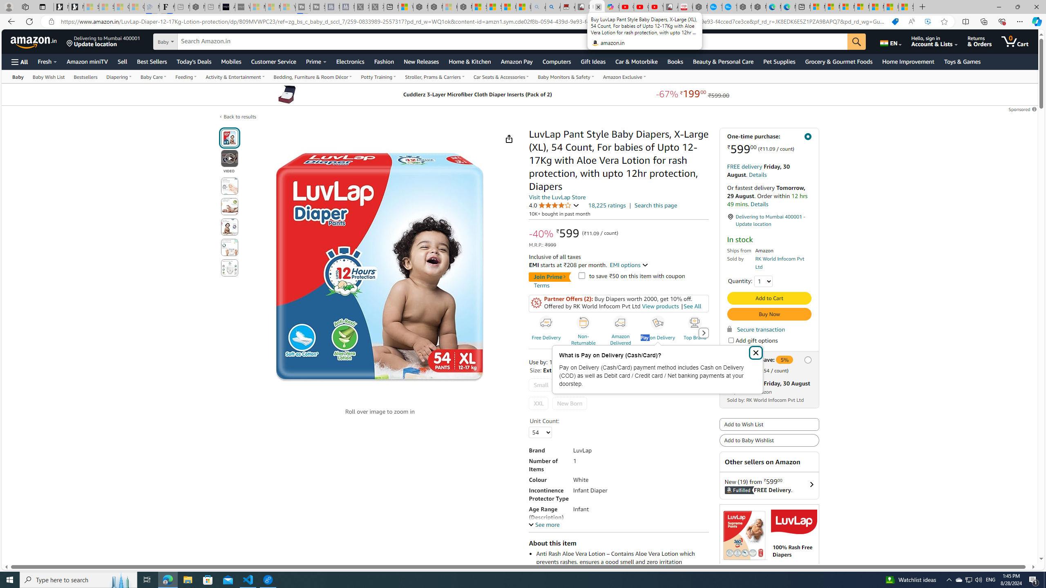  What do you see at coordinates (465, 7) in the screenshot?
I see `'Nordace - Nordace Siena Is Not An Ordinary Backpack'` at bounding box center [465, 7].